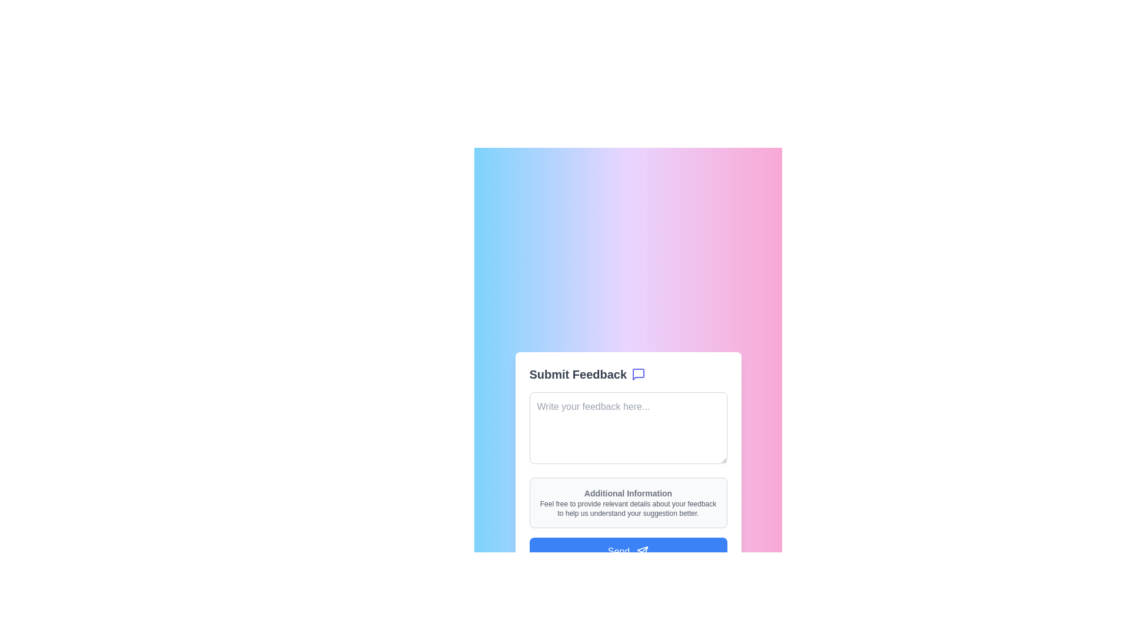 This screenshot has height=636, width=1130. What do you see at coordinates (642, 551) in the screenshot?
I see `the Decorative SVG icon located inside the 'Send' button at the bottom of the feedback form` at bounding box center [642, 551].